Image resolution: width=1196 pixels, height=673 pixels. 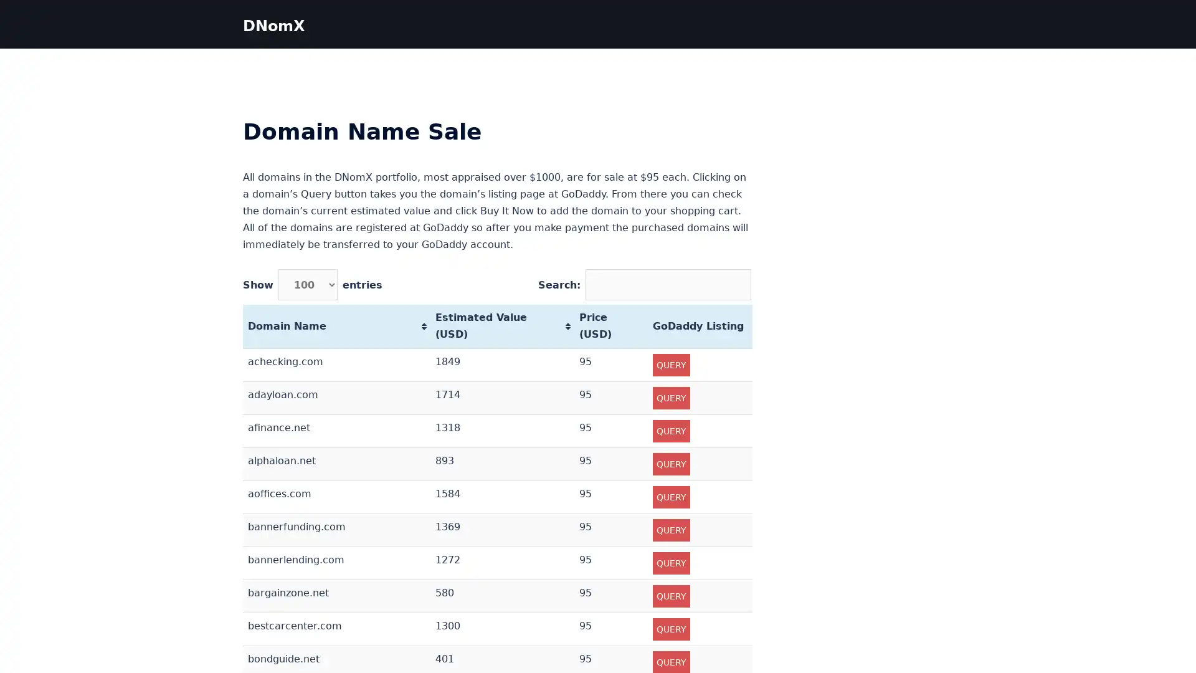 I want to click on QUERY, so click(x=670, y=430).